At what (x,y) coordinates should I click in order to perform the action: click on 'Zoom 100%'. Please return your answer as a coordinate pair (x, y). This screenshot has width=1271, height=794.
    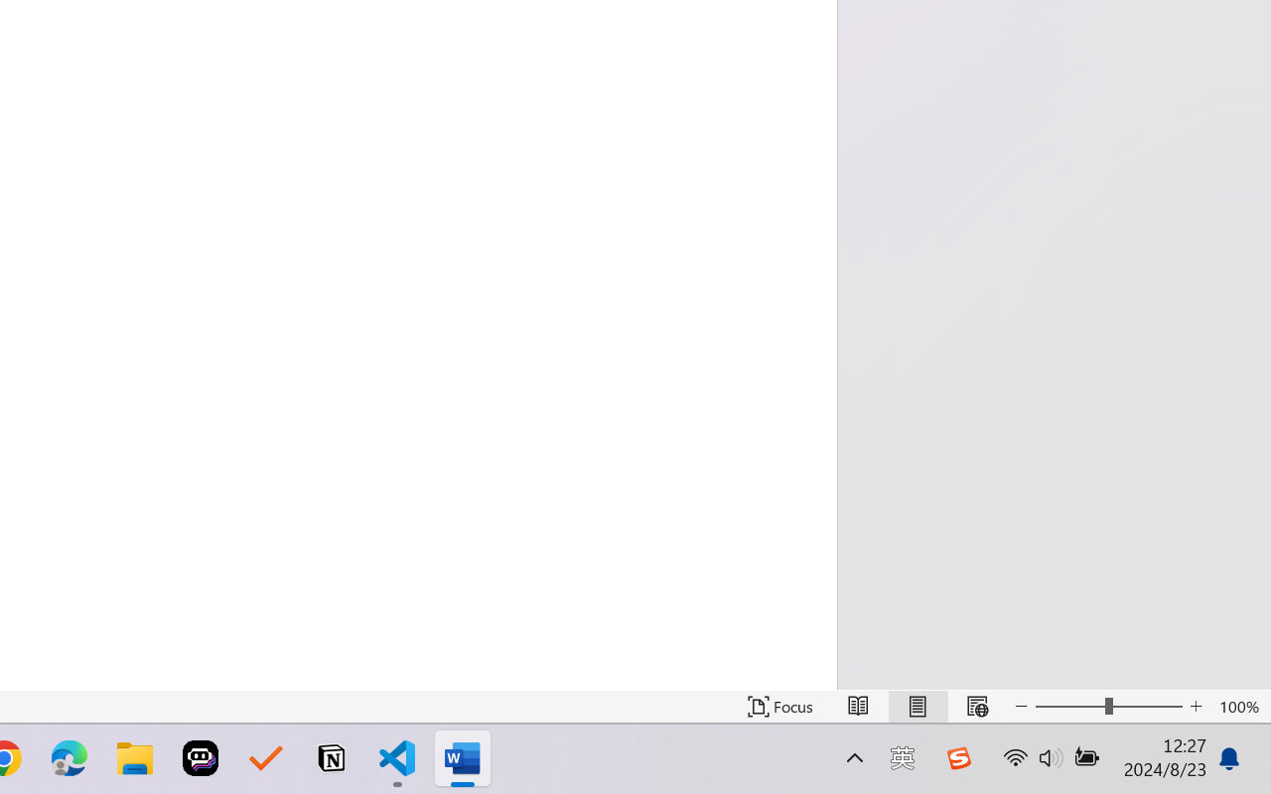
    Looking at the image, I should click on (1239, 706).